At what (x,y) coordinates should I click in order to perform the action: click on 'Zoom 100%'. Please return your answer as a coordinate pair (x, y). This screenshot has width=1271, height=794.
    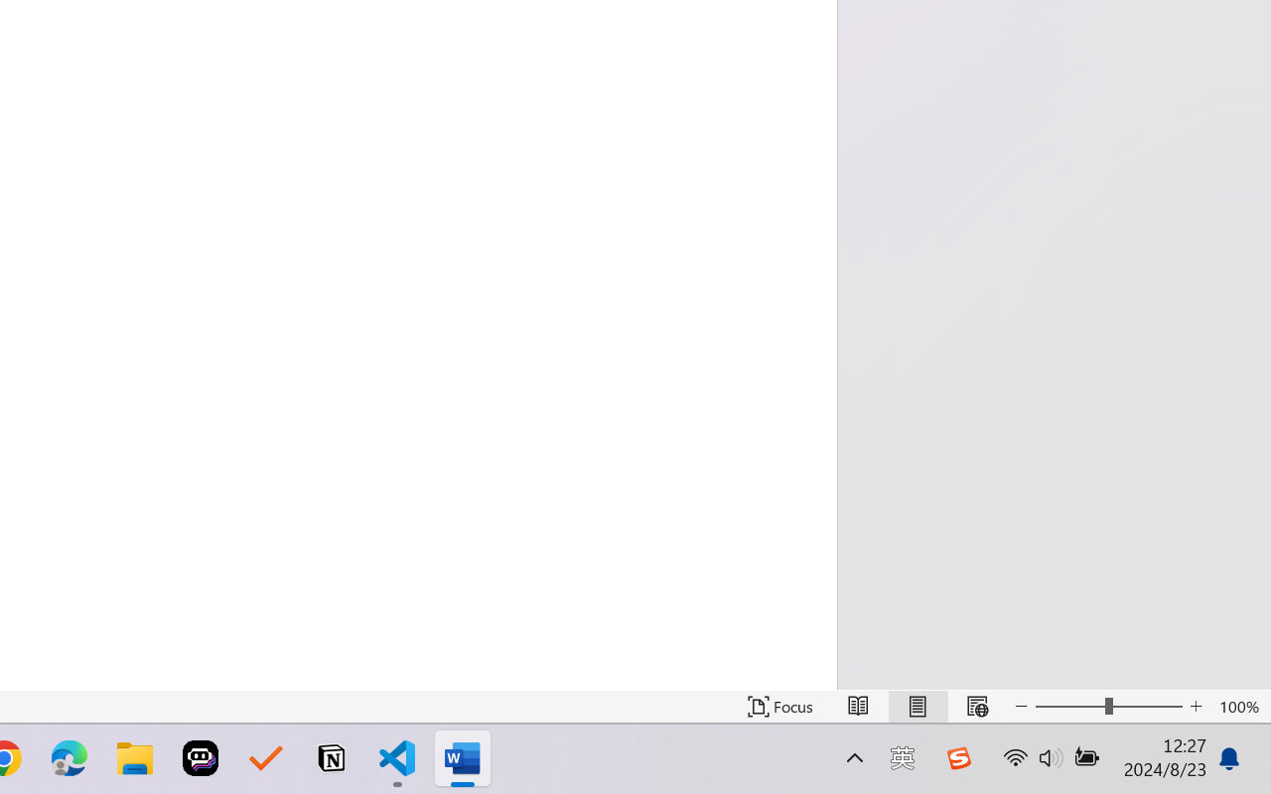
    Looking at the image, I should click on (1239, 706).